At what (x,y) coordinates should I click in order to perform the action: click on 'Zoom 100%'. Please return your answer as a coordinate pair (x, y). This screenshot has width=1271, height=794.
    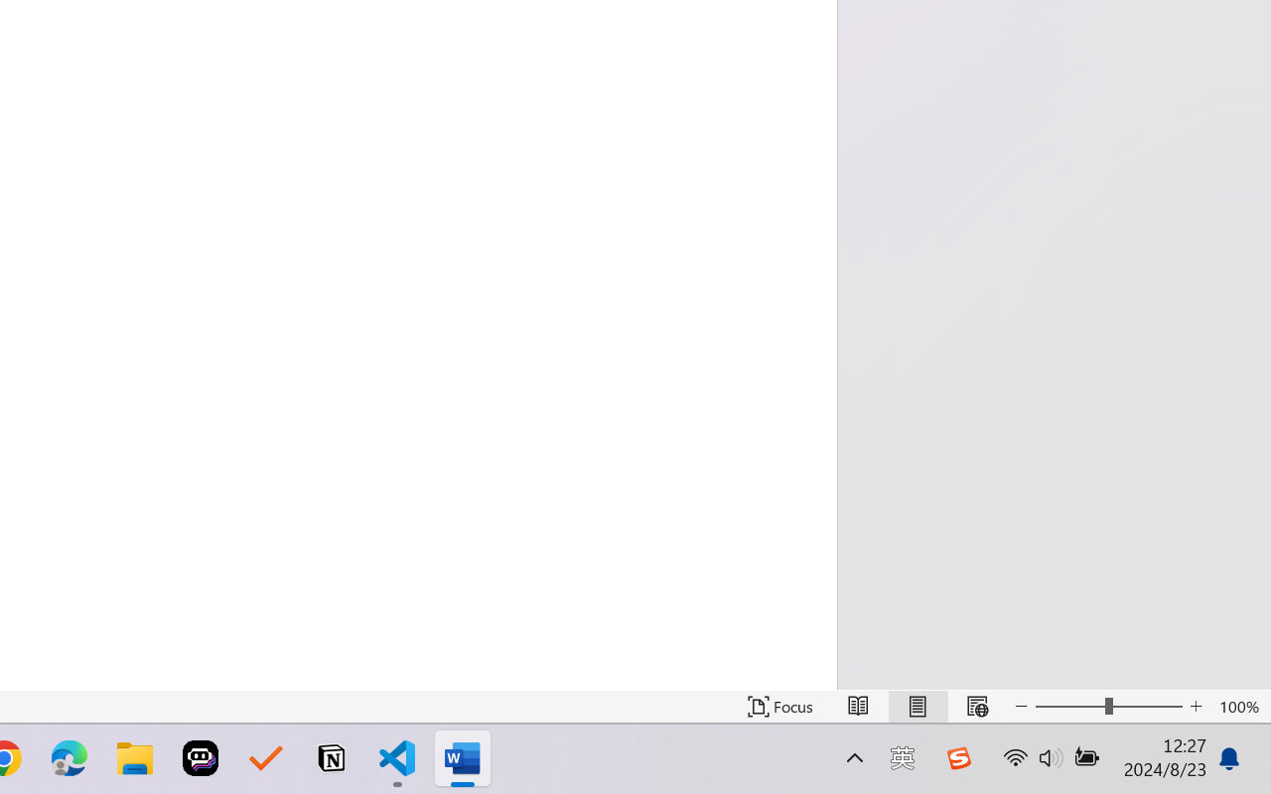
    Looking at the image, I should click on (1239, 706).